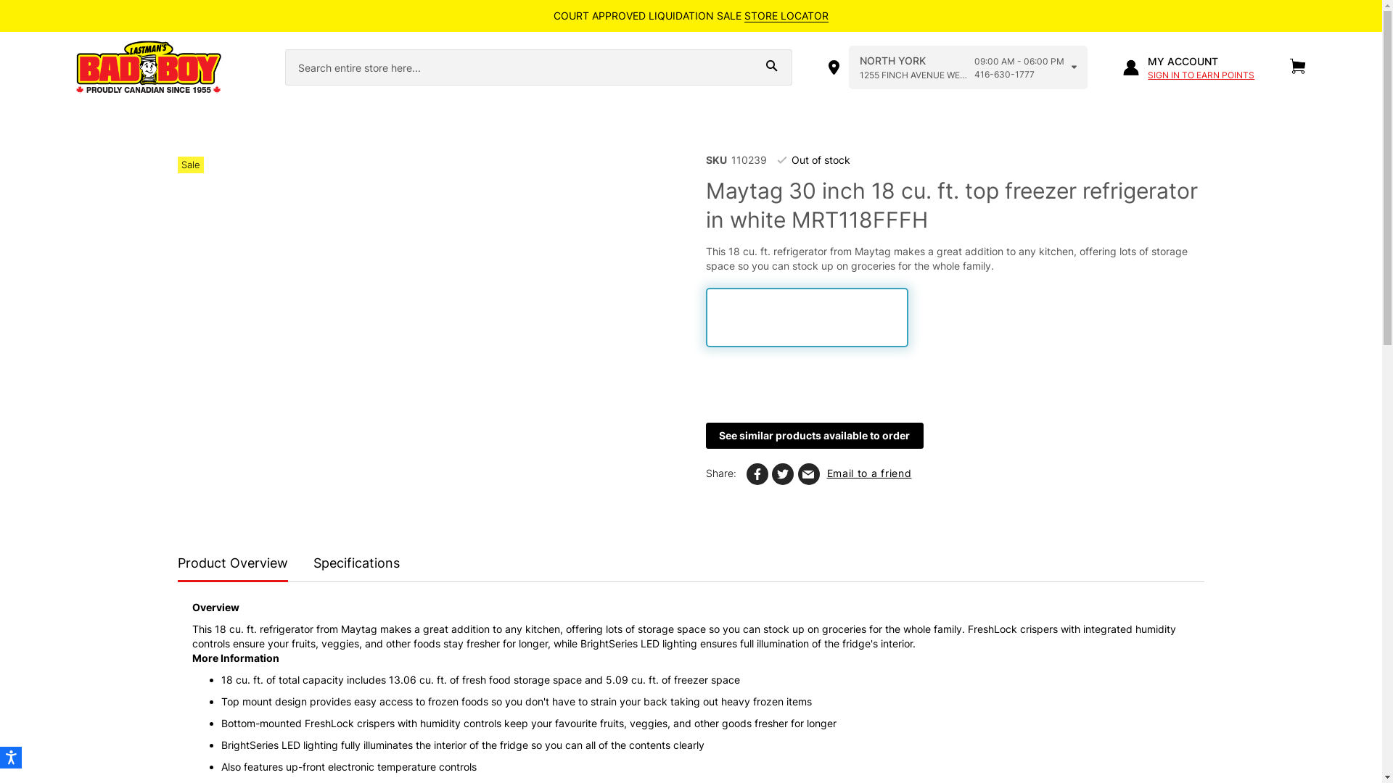 This screenshot has width=1393, height=783. Describe the element at coordinates (167, 67) in the screenshot. I see `'Lastman's Bad Boy'` at that location.